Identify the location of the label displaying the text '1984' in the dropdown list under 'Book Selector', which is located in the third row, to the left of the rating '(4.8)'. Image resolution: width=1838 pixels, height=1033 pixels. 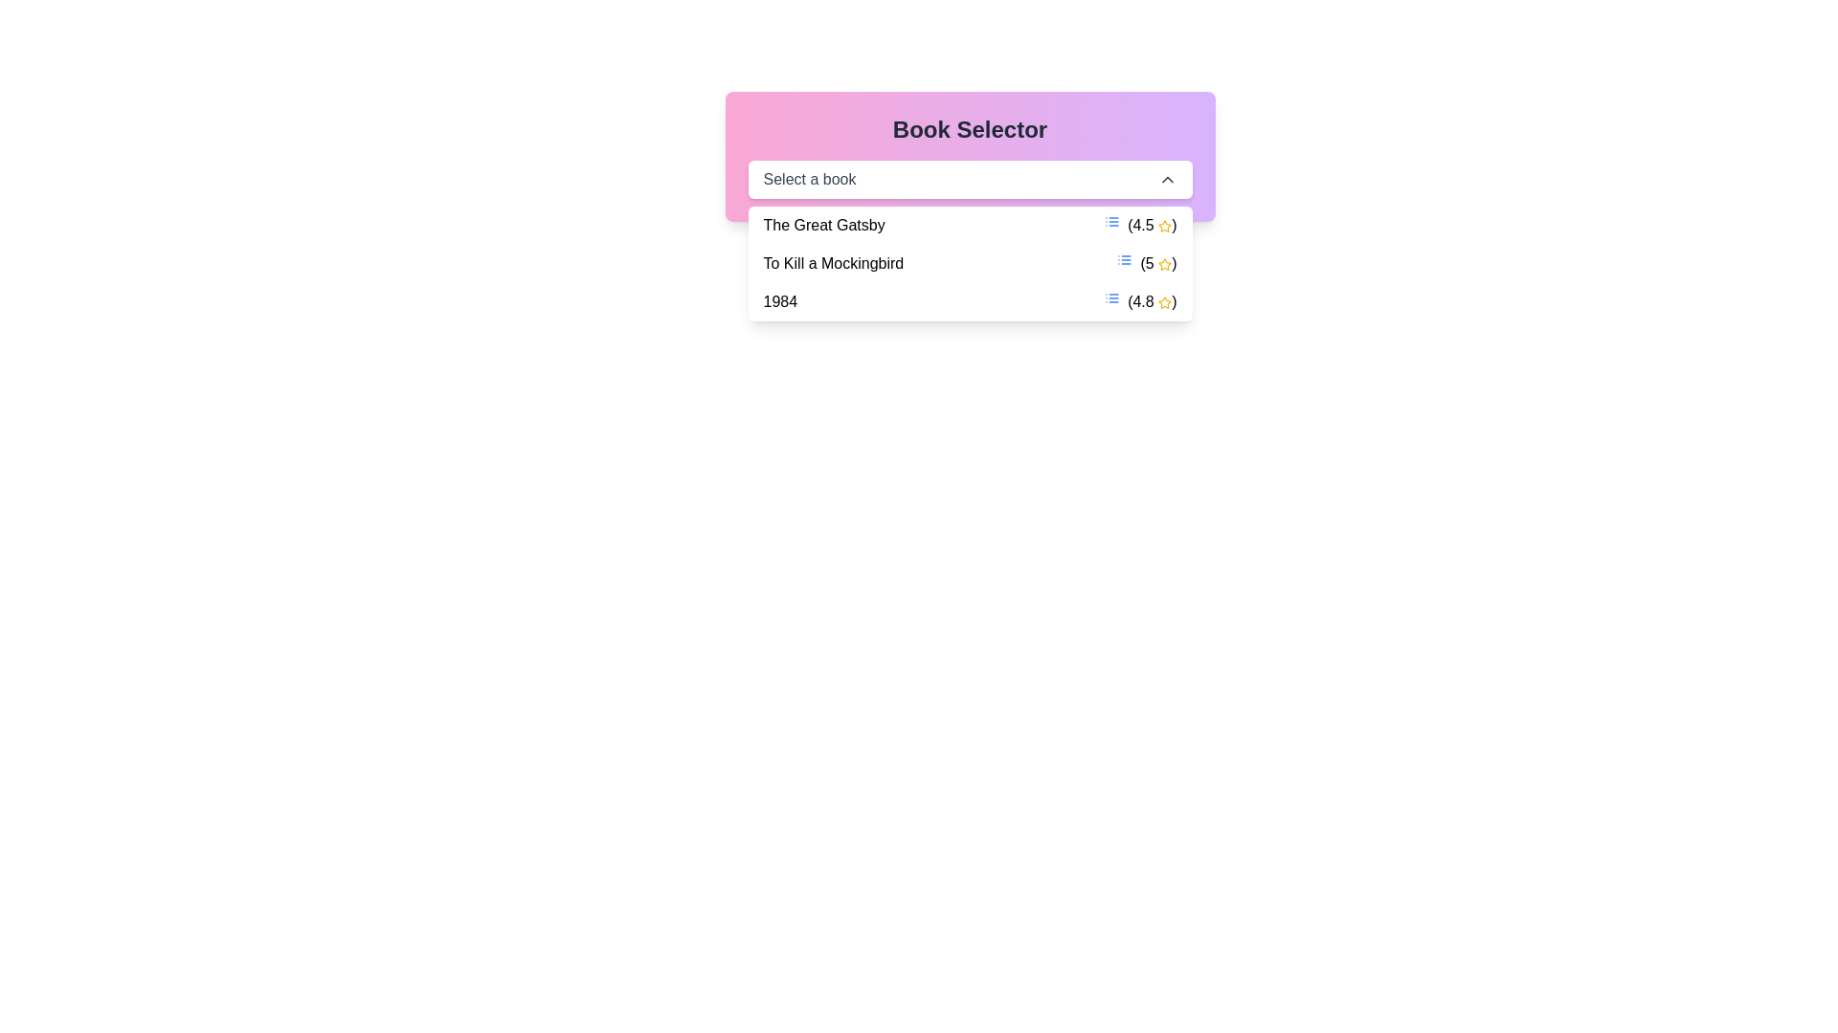
(780, 301).